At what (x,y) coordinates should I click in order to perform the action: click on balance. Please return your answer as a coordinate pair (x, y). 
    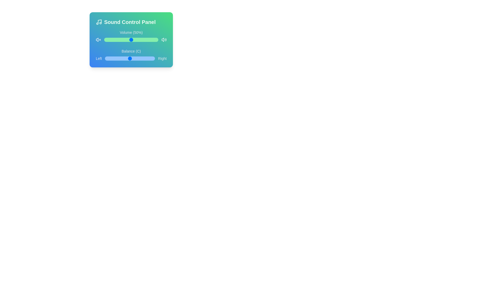
    Looking at the image, I should click on (116, 58).